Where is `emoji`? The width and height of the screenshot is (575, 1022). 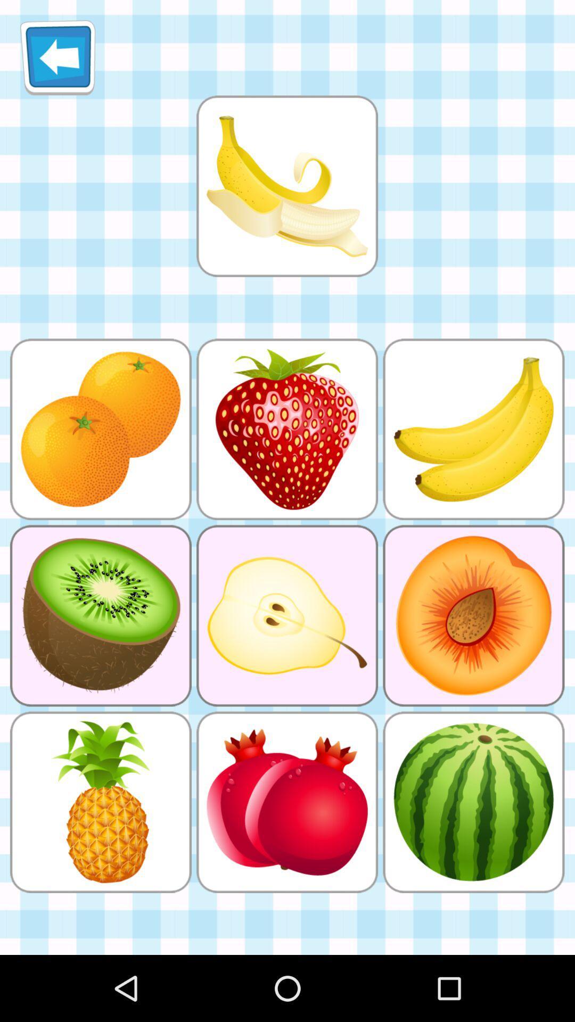
emoji is located at coordinates (286, 186).